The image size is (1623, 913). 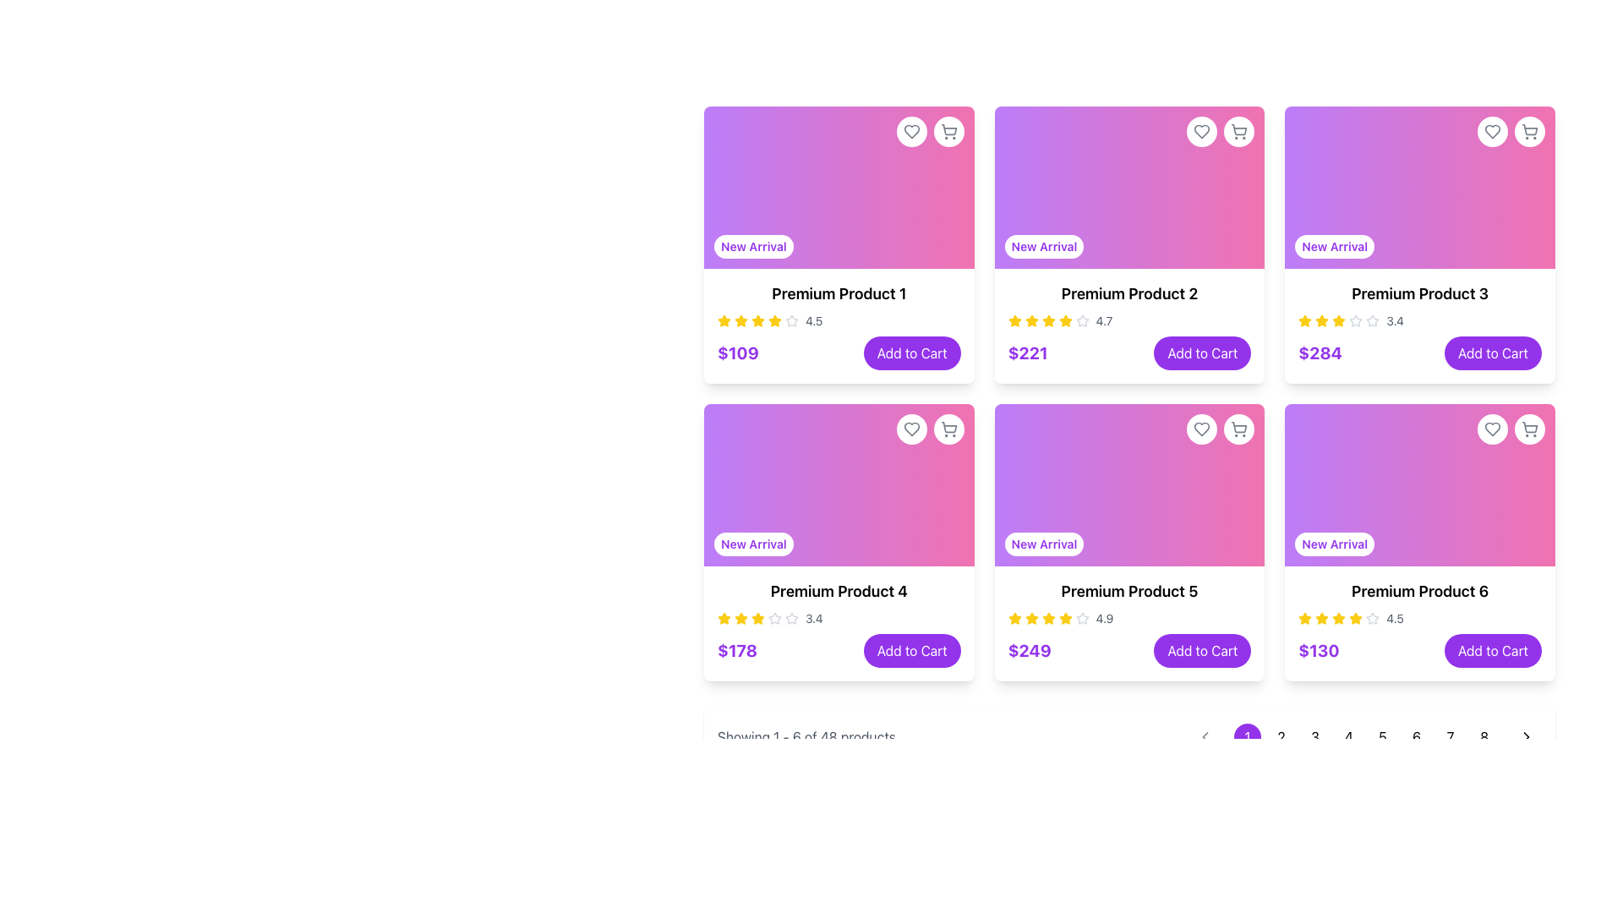 What do you see at coordinates (1493, 650) in the screenshot?
I see `the button in the bottom-right corner of the 'Premium Product 6' card` at bounding box center [1493, 650].